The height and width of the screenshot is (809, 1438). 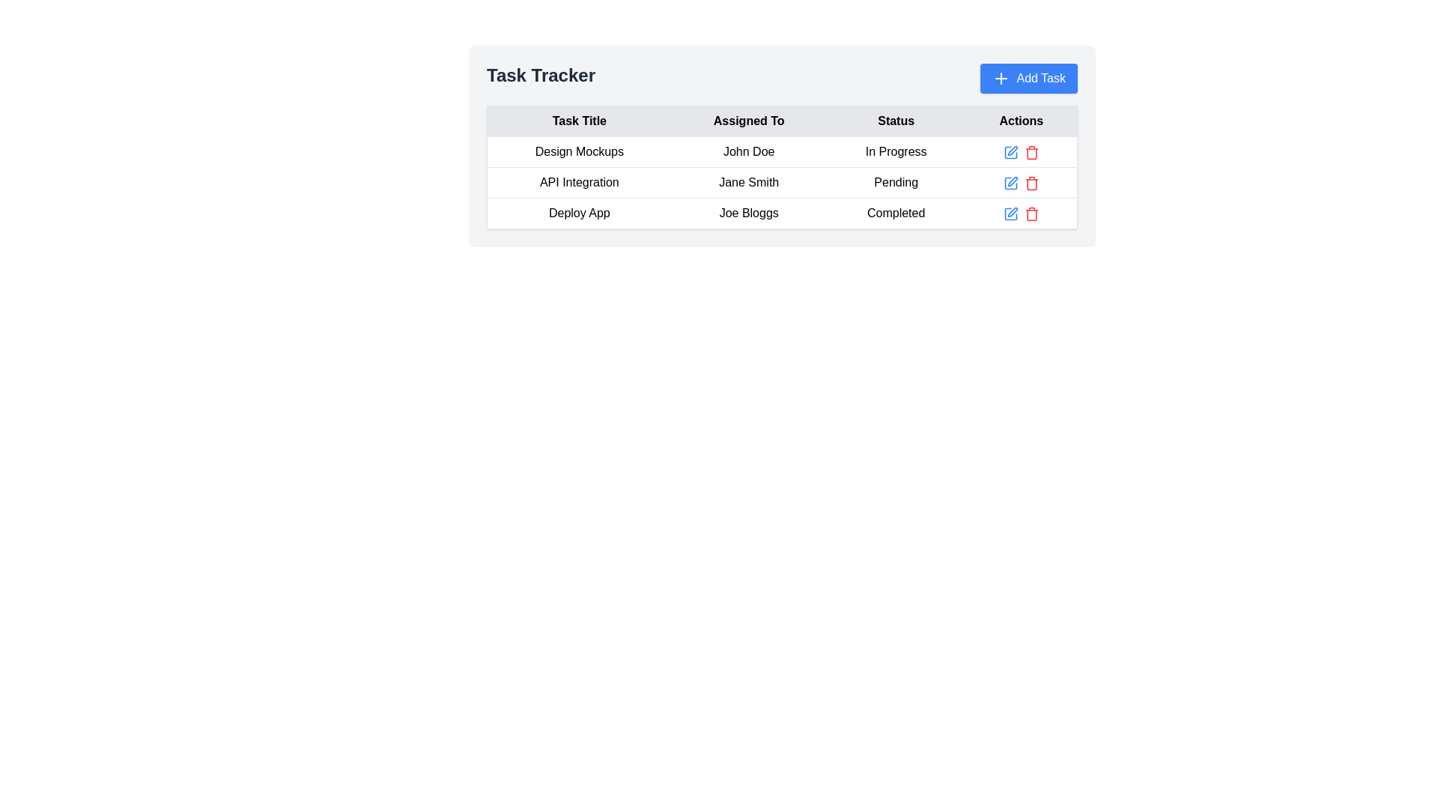 What do you see at coordinates (1031, 213) in the screenshot?
I see `the delete icon in the 'Actions' column of the third row for the 'Deploy App' task` at bounding box center [1031, 213].